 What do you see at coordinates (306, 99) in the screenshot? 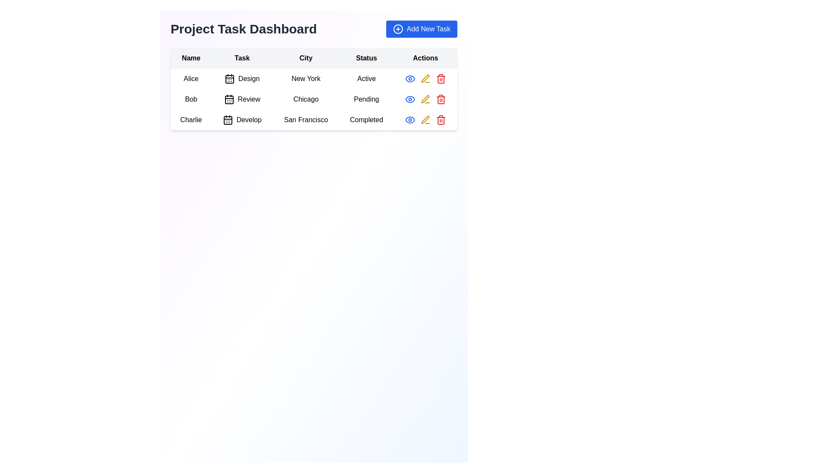
I see `the 'City' label in the second row of the table` at bounding box center [306, 99].